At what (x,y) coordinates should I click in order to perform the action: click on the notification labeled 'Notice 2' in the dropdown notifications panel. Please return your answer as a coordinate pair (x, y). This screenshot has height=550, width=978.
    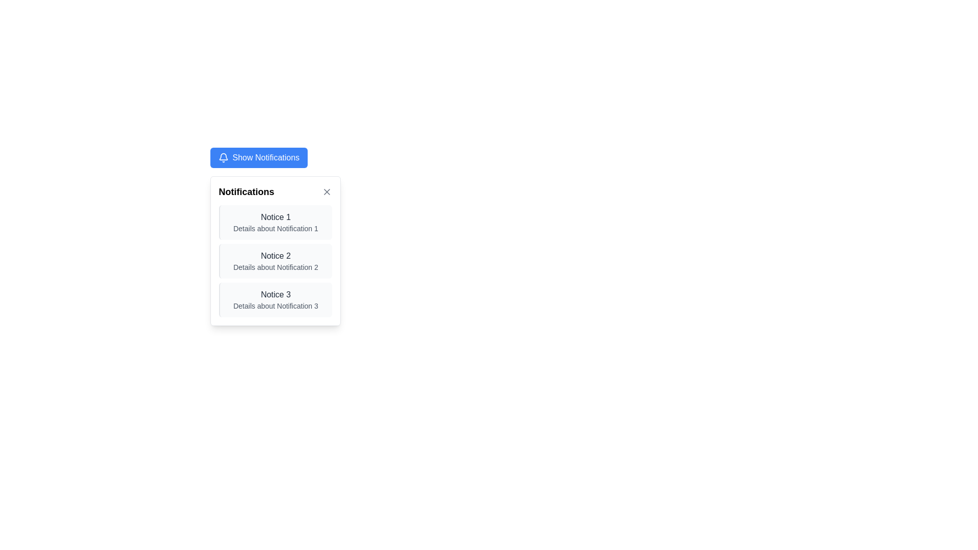
    Looking at the image, I should click on (275, 251).